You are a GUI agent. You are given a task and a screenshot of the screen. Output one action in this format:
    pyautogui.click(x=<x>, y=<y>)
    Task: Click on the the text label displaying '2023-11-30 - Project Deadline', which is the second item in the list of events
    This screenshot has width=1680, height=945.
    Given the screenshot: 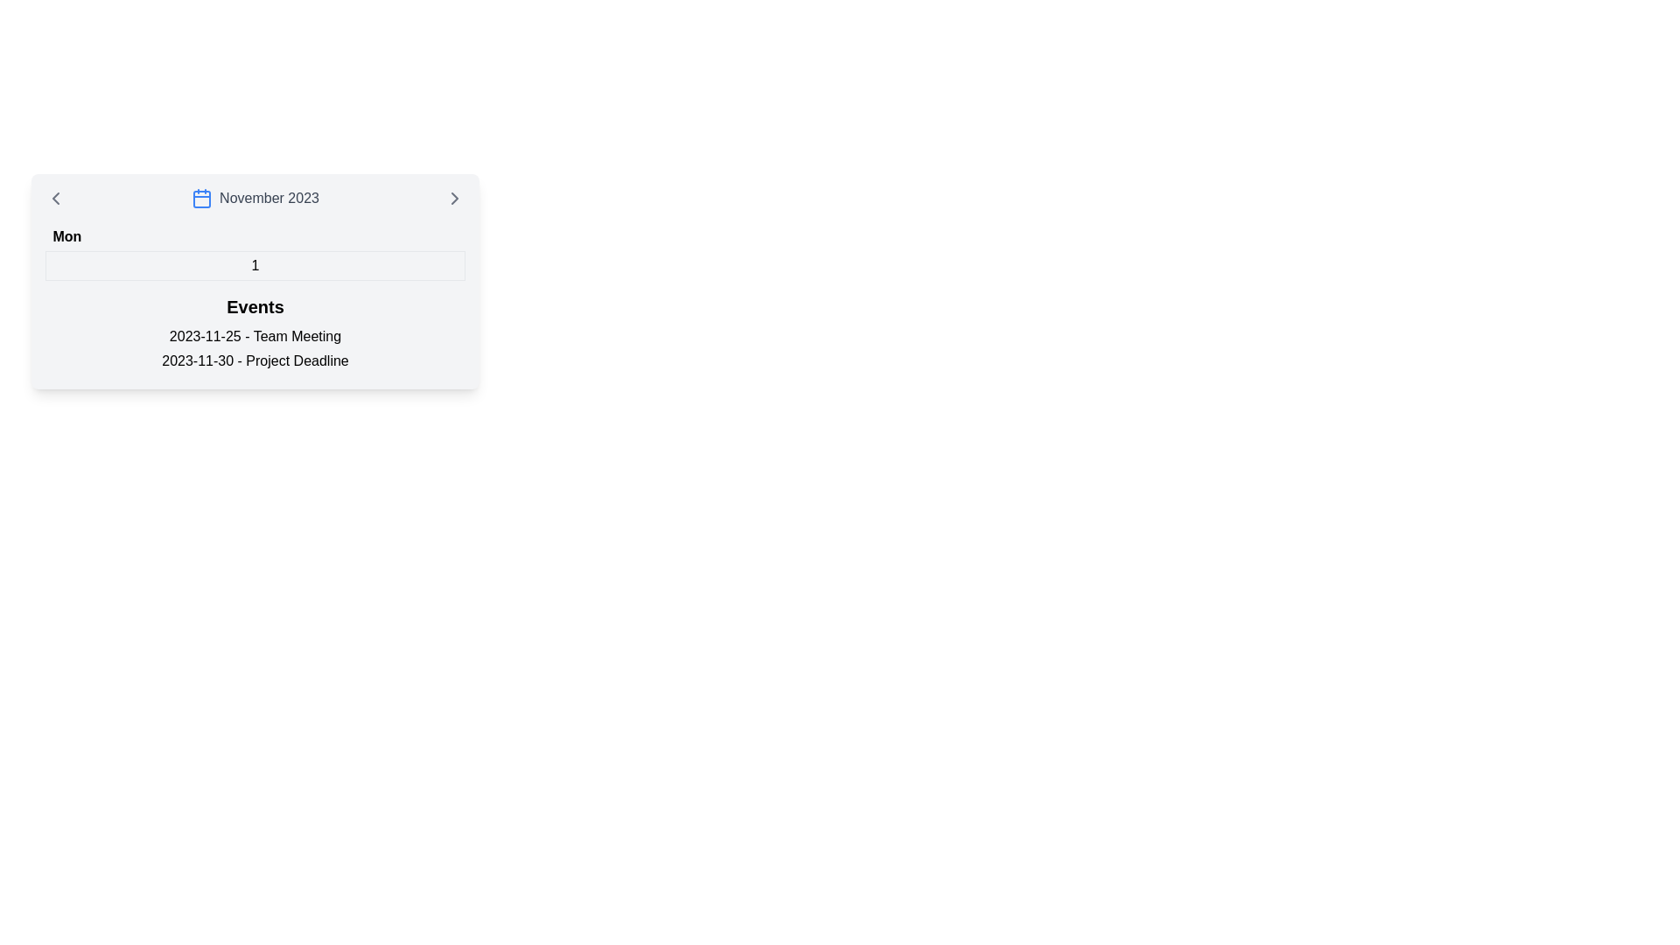 What is the action you would take?
    pyautogui.click(x=255, y=360)
    